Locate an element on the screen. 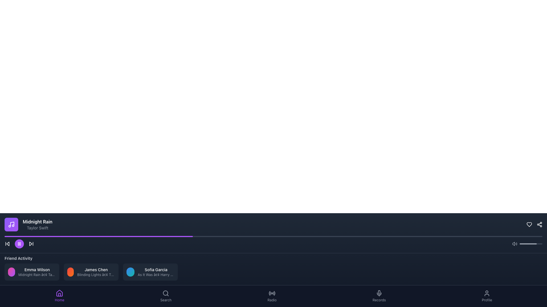 This screenshot has width=547, height=307. the volume slider is located at coordinates (522, 243).